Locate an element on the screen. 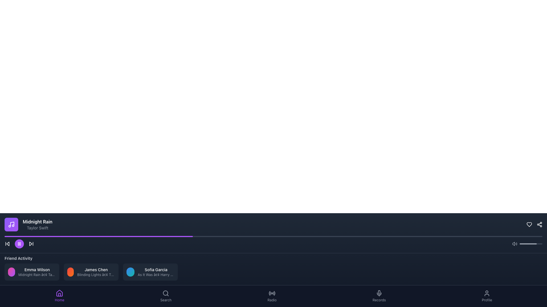 This screenshot has width=547, height=307. the volume slider is located at coordinates (522, 243).